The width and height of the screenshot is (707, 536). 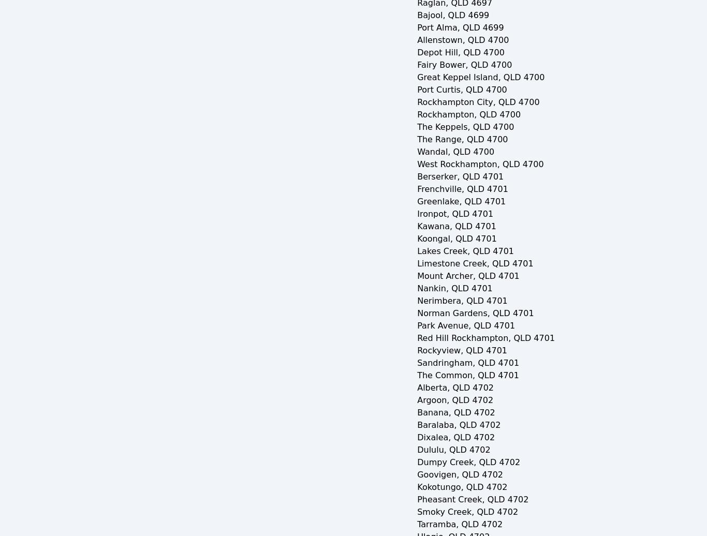 I want to click on 'Bajool, QLD 4699', so click(x=452, y=15).